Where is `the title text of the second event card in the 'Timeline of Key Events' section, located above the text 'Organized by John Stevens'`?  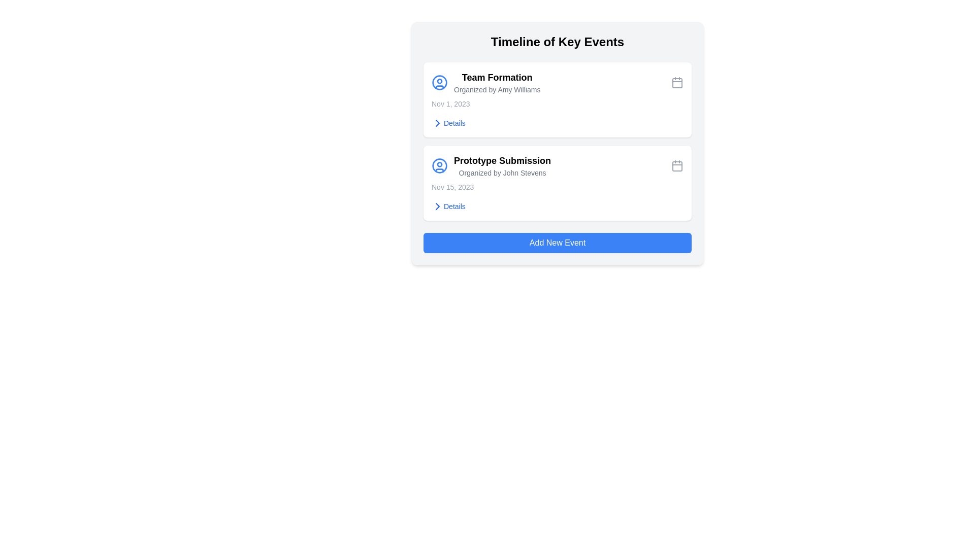 the title text of the second event card in the 'Timeline of Key Events' section, located above the text 'Organized by John Stevens' is located at coordinates (502, 160).